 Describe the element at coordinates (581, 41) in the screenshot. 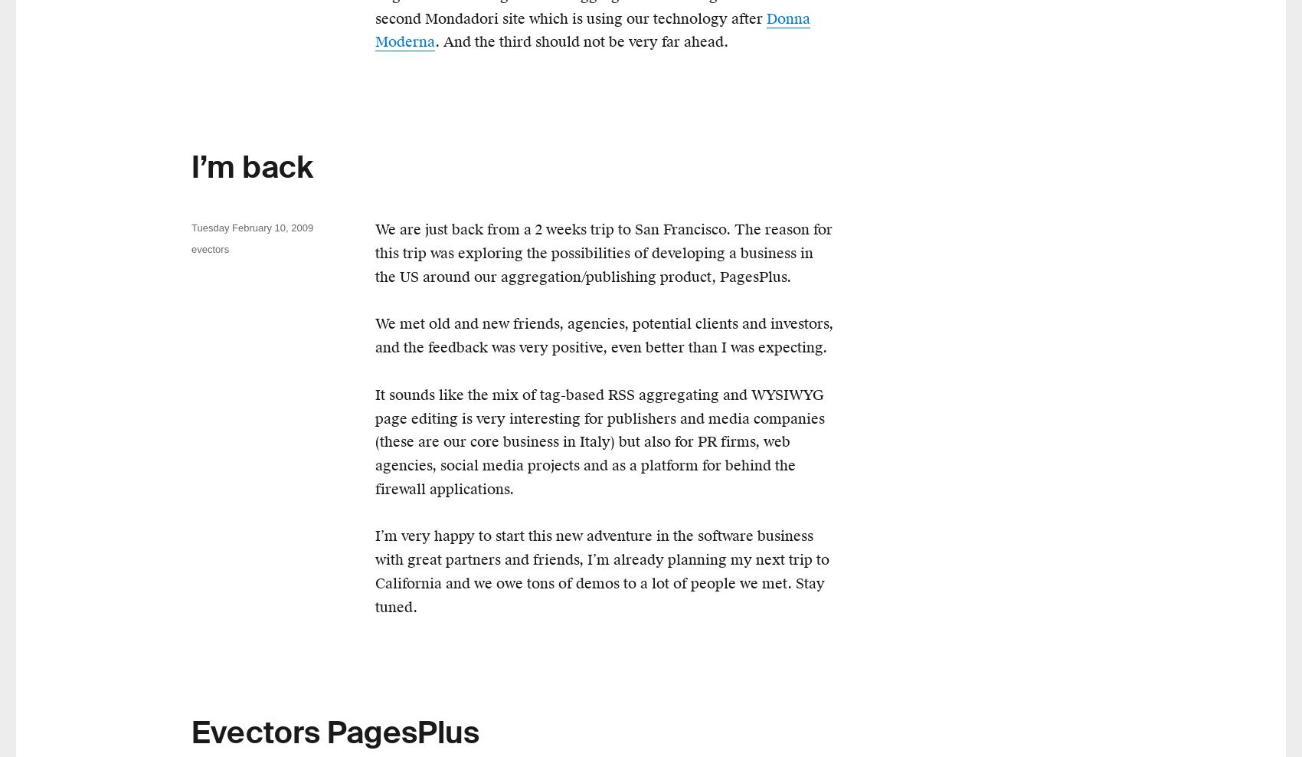

I see `'. And the third should not be very far ahead.'` at that location.